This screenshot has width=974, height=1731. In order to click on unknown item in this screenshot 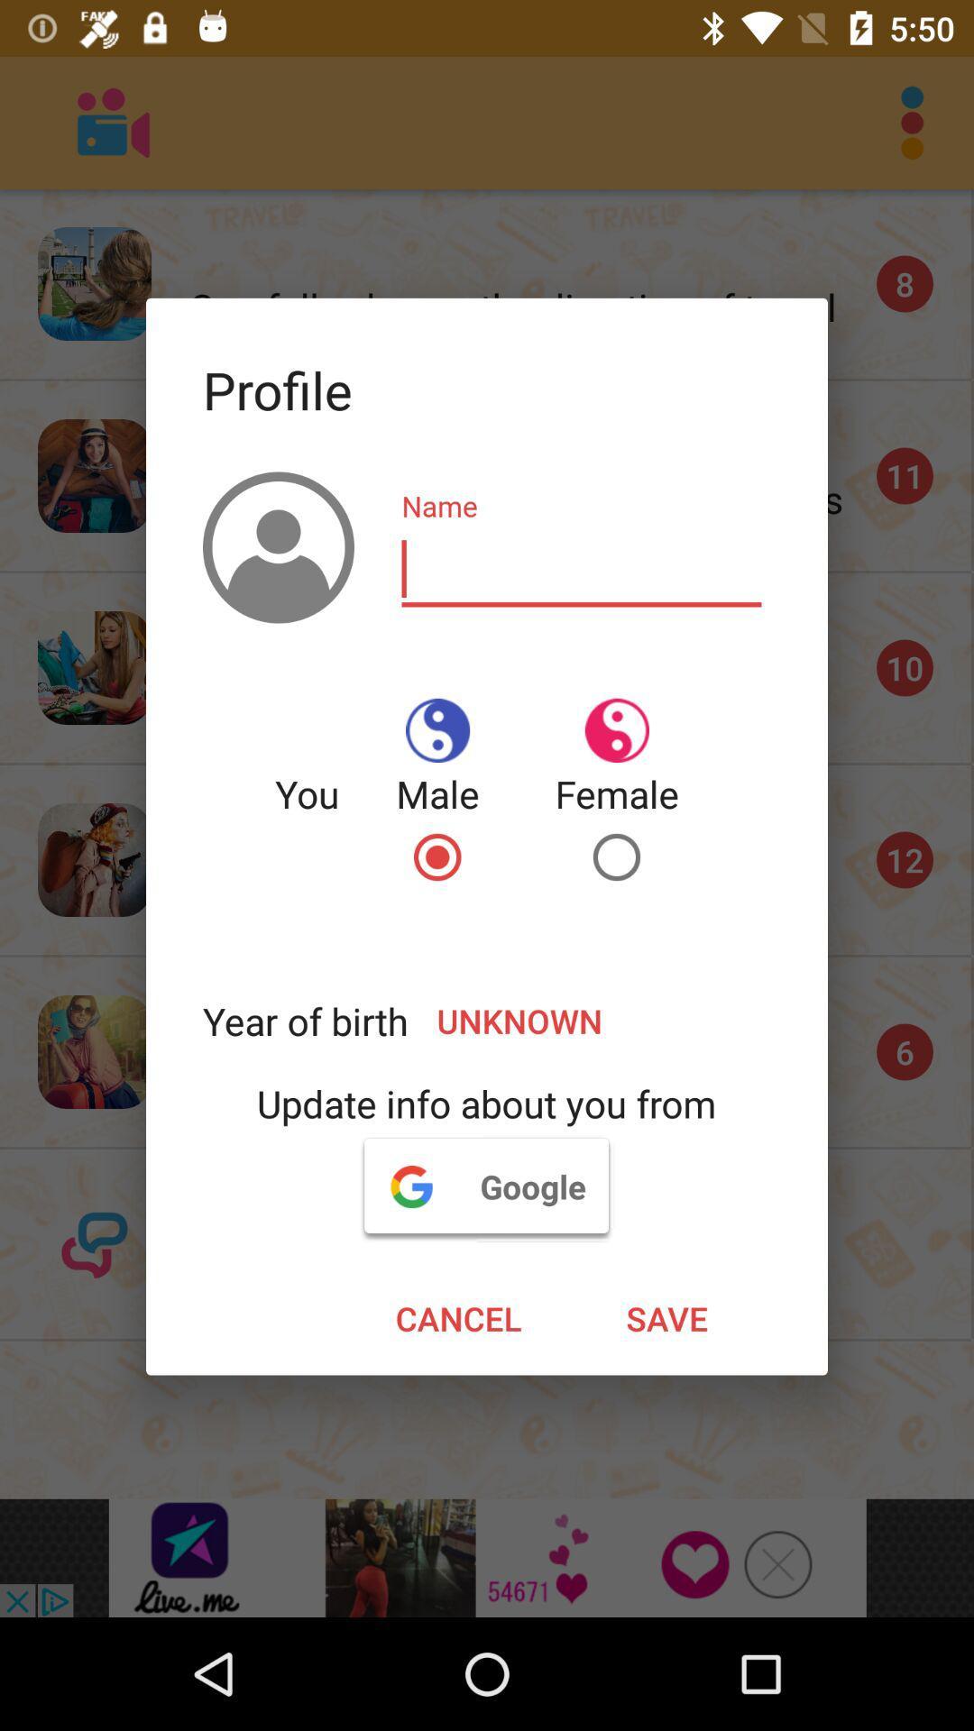, I will do `click(590, 1021)`.